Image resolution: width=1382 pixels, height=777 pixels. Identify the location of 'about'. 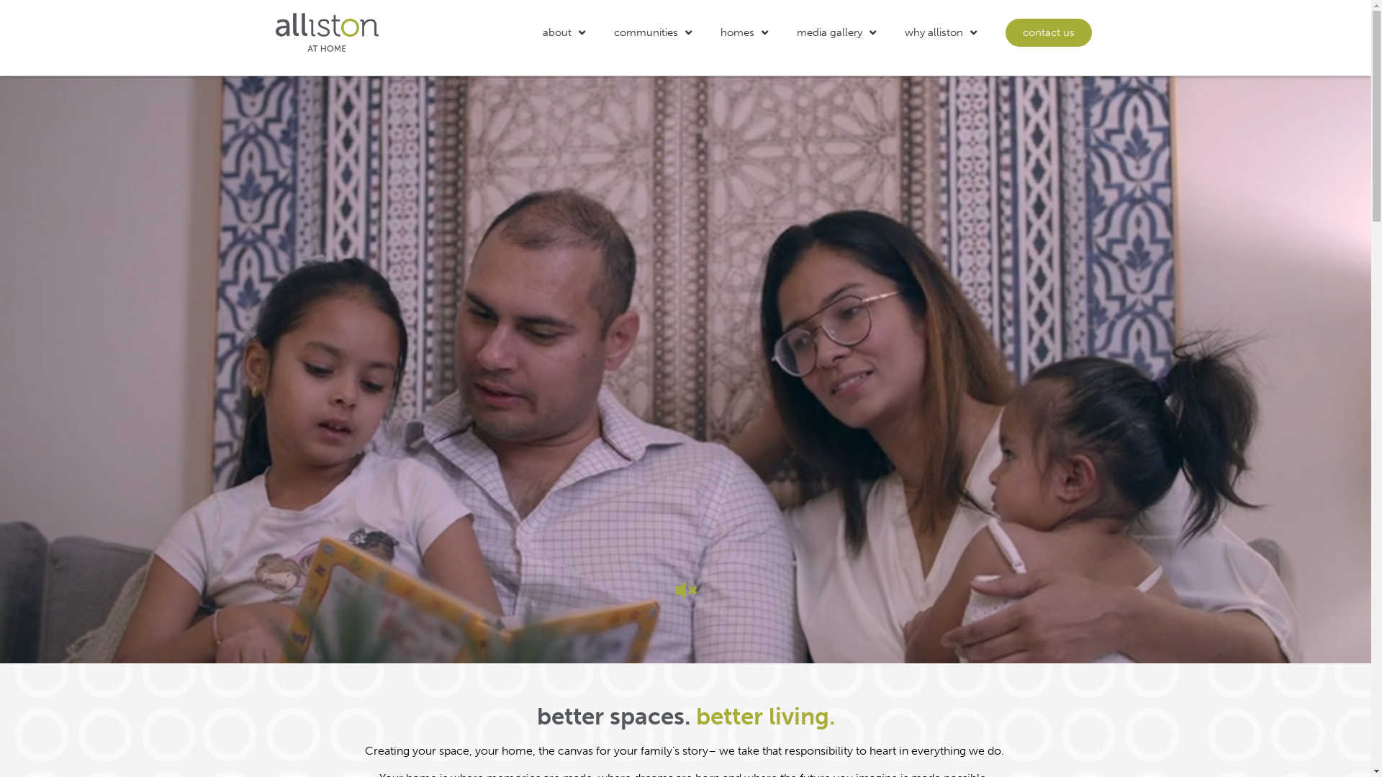
(563, 32).